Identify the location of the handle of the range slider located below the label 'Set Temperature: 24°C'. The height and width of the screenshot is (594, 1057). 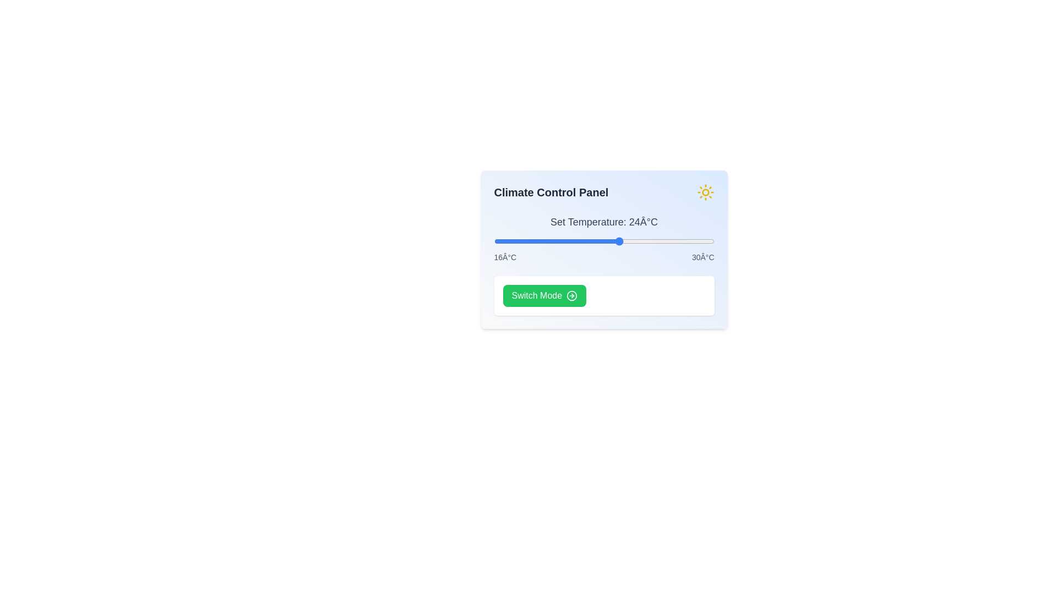
(603, 241).